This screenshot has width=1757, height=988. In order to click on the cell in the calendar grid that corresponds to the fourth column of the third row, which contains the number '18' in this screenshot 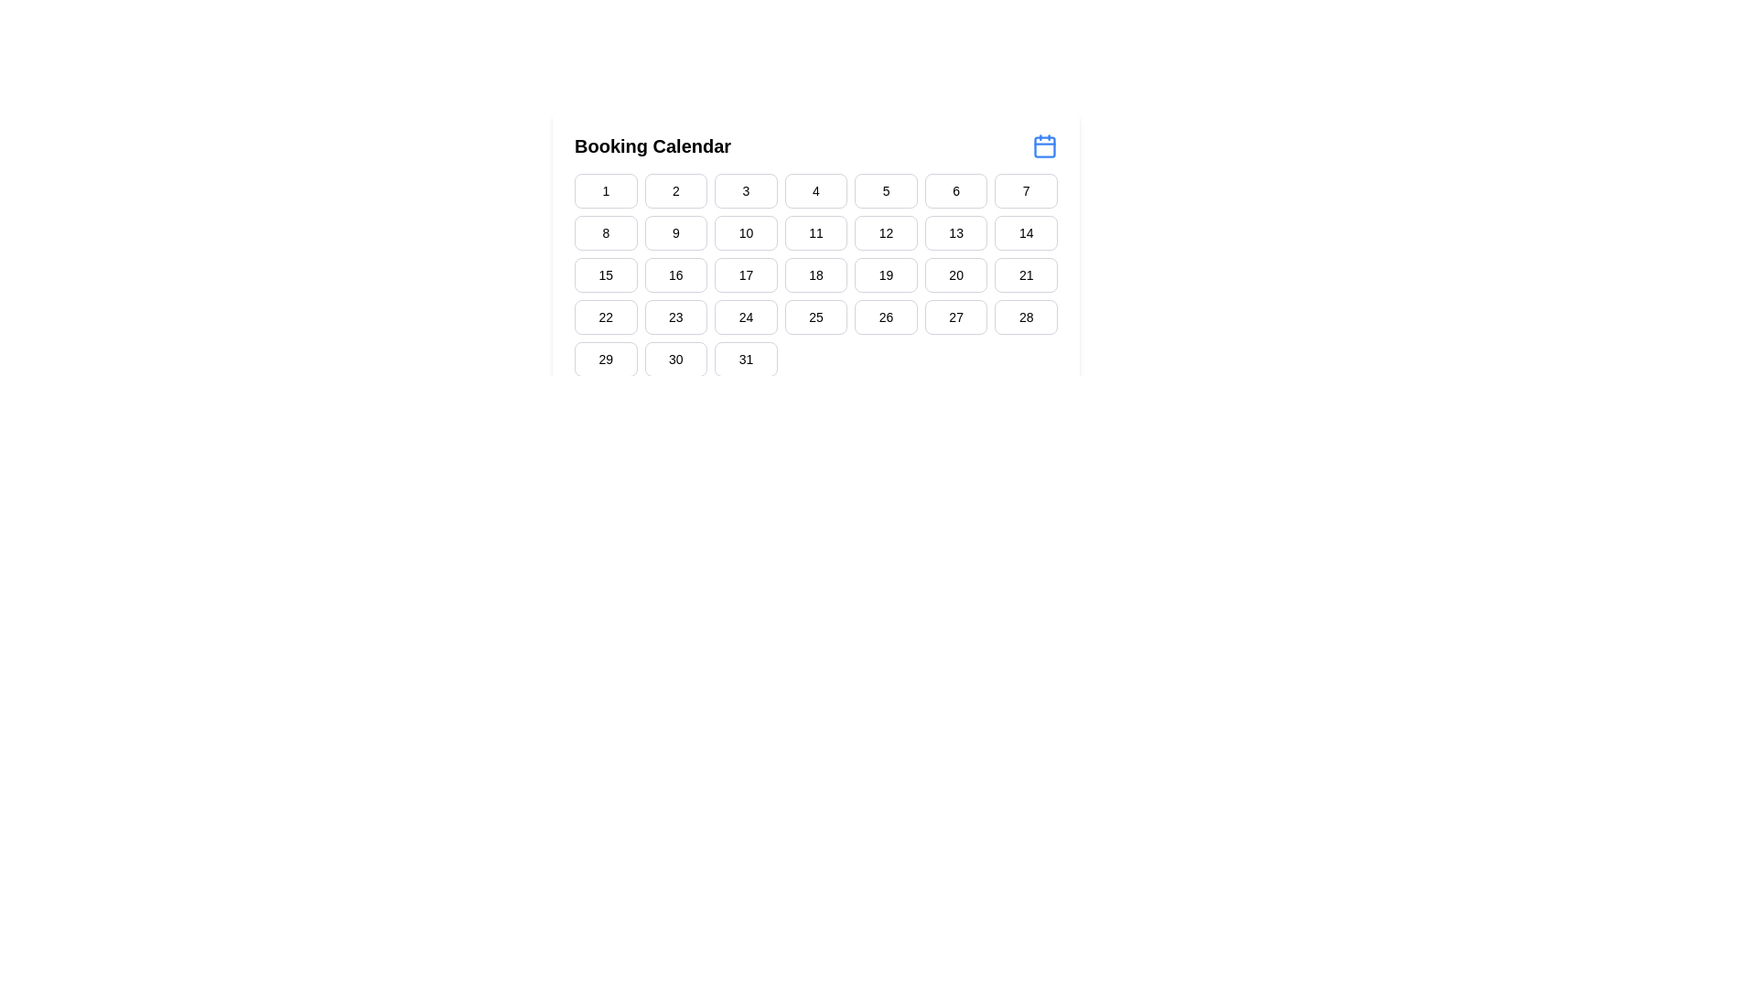, I will do `click(815, 274)`.